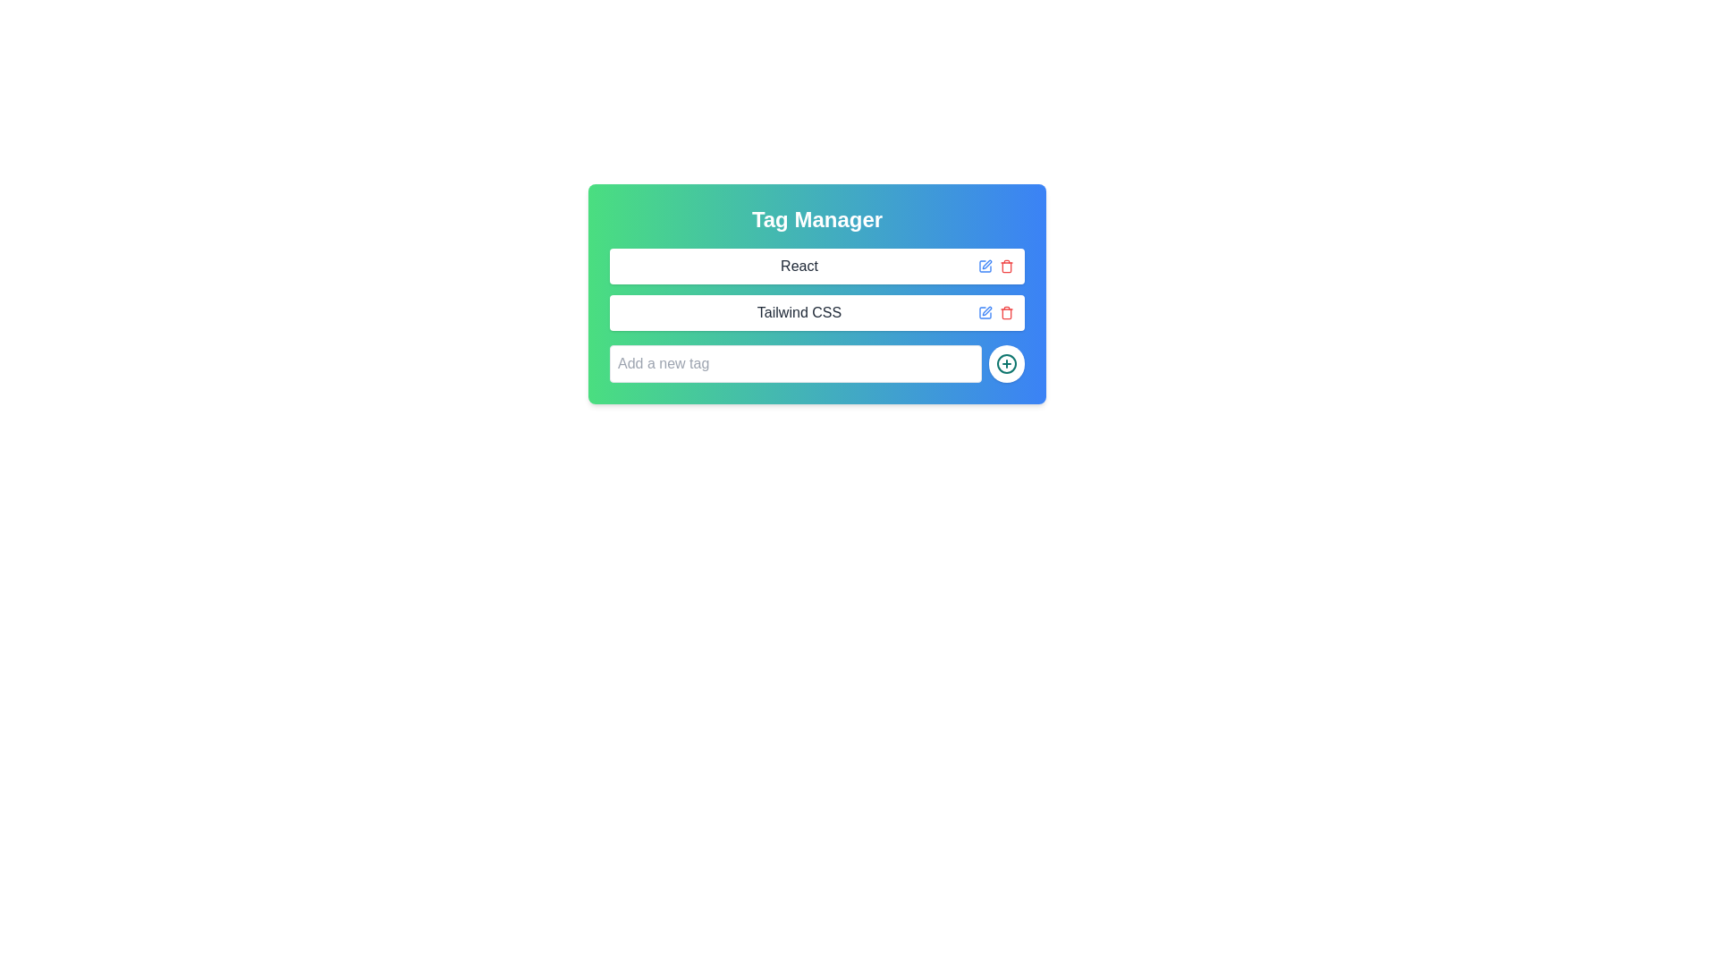 The width and height of the screenshot is (1717, 966). Describe the element at coordinates (985, 266) in the screenshot. I see `the pencil icon located to the immediate right of the 'React' label in the first row of the tag list` at that location.